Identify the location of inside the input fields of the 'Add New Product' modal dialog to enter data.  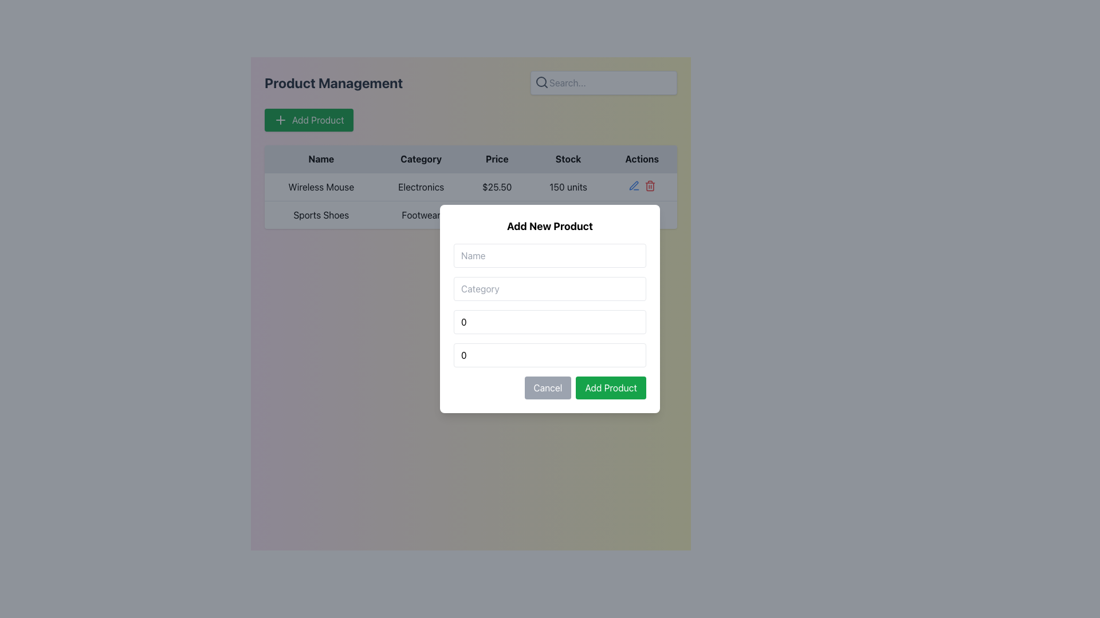
(550, 309).